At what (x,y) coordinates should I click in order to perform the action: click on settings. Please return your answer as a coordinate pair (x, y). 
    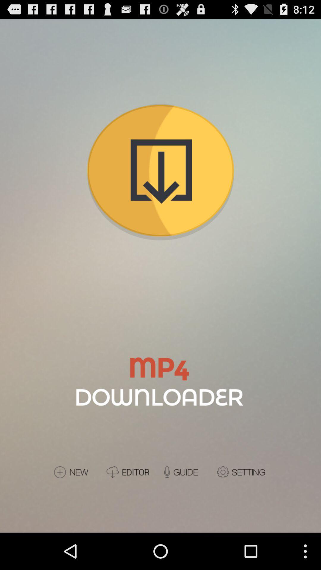
    Looking at the image, I should click on (242, 472).